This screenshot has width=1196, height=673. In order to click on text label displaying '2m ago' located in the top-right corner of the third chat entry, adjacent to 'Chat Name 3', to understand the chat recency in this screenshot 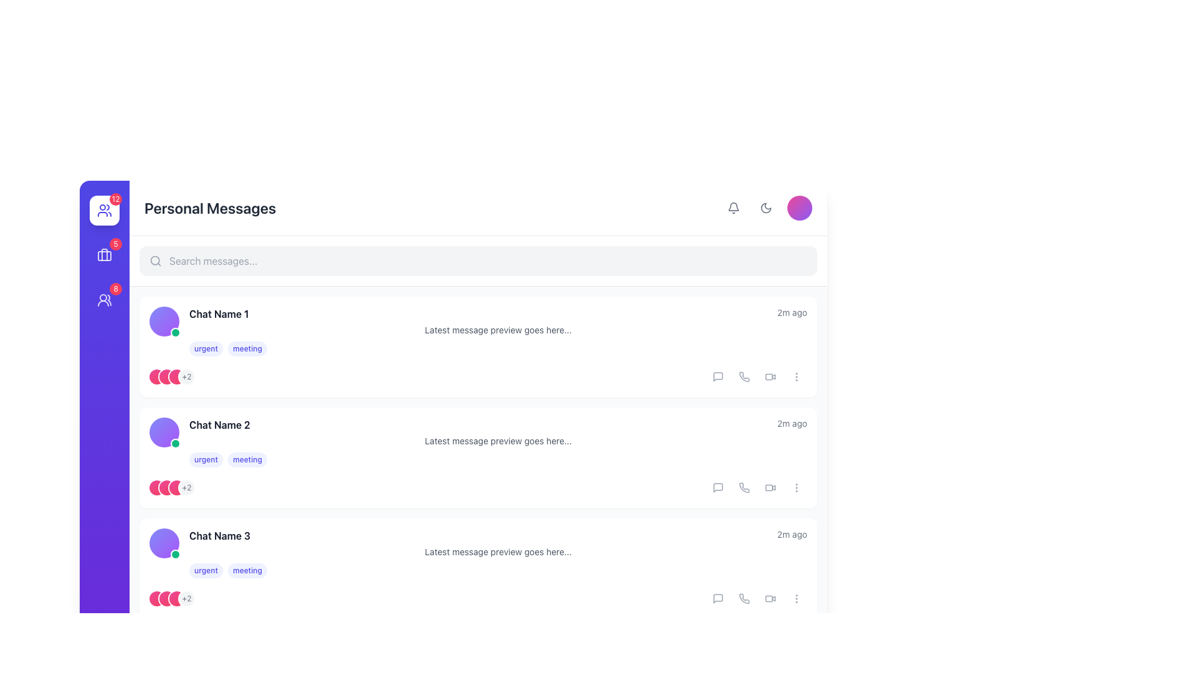, I will do `click(791, 533)`.